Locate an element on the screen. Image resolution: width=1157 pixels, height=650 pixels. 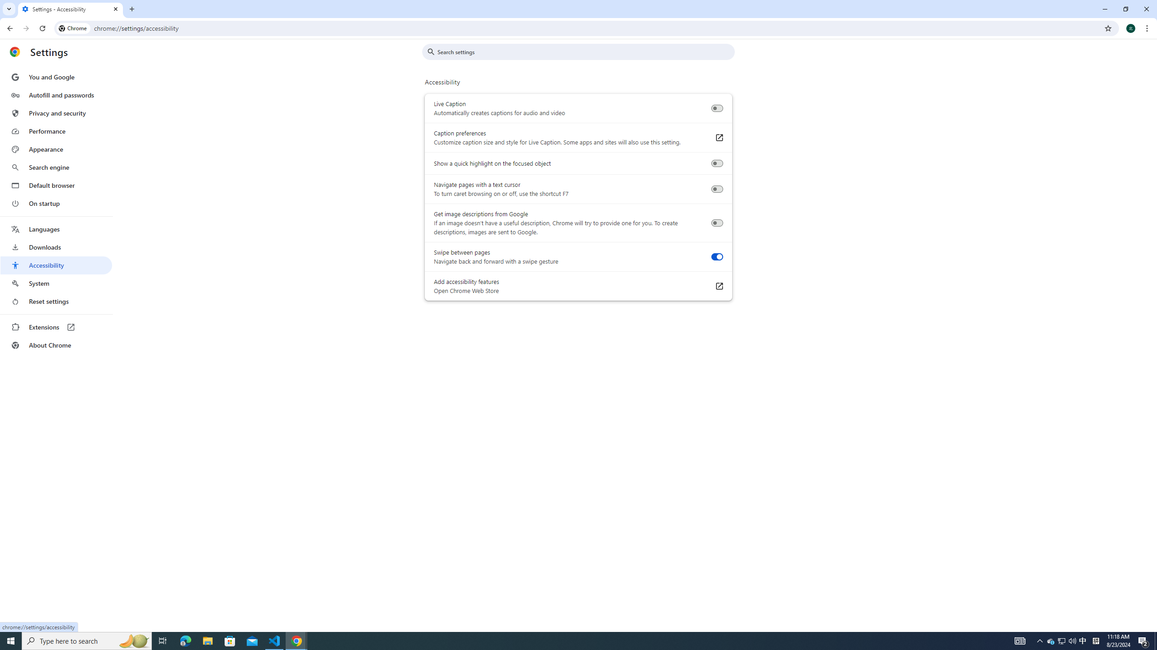
'Swipe between pages' is located at coordinates (716, 256).